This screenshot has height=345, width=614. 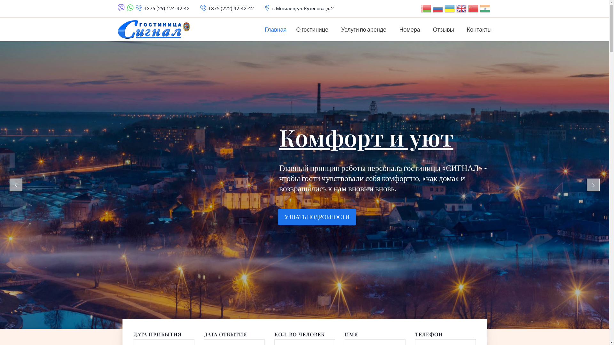 I want to click on '+375 (29) 124-42-42', so click(x=167, y=8).